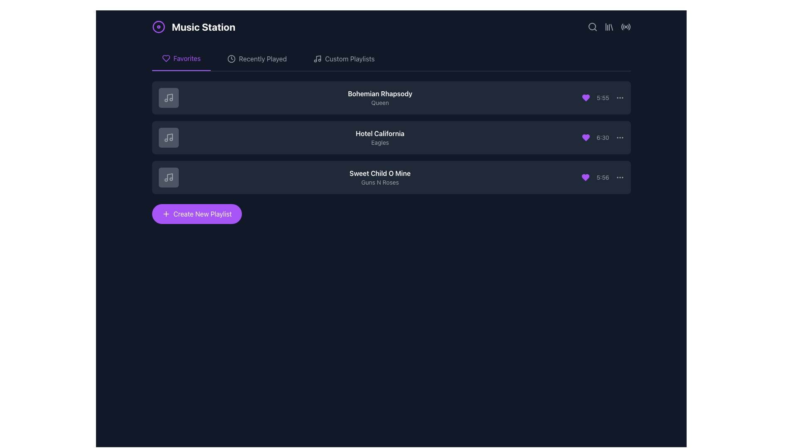 The image size is (798, 448). I want to click on the text label displaying the duration '6:30', located to the immediate left of the three horizontal dots button and to the right of the purple heart icon, so click(603, 137).